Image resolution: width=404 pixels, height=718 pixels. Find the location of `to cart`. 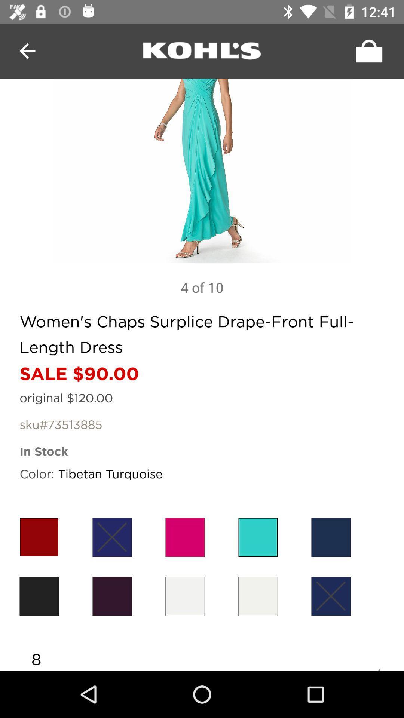

to cart is located at coordinates (367, 50).